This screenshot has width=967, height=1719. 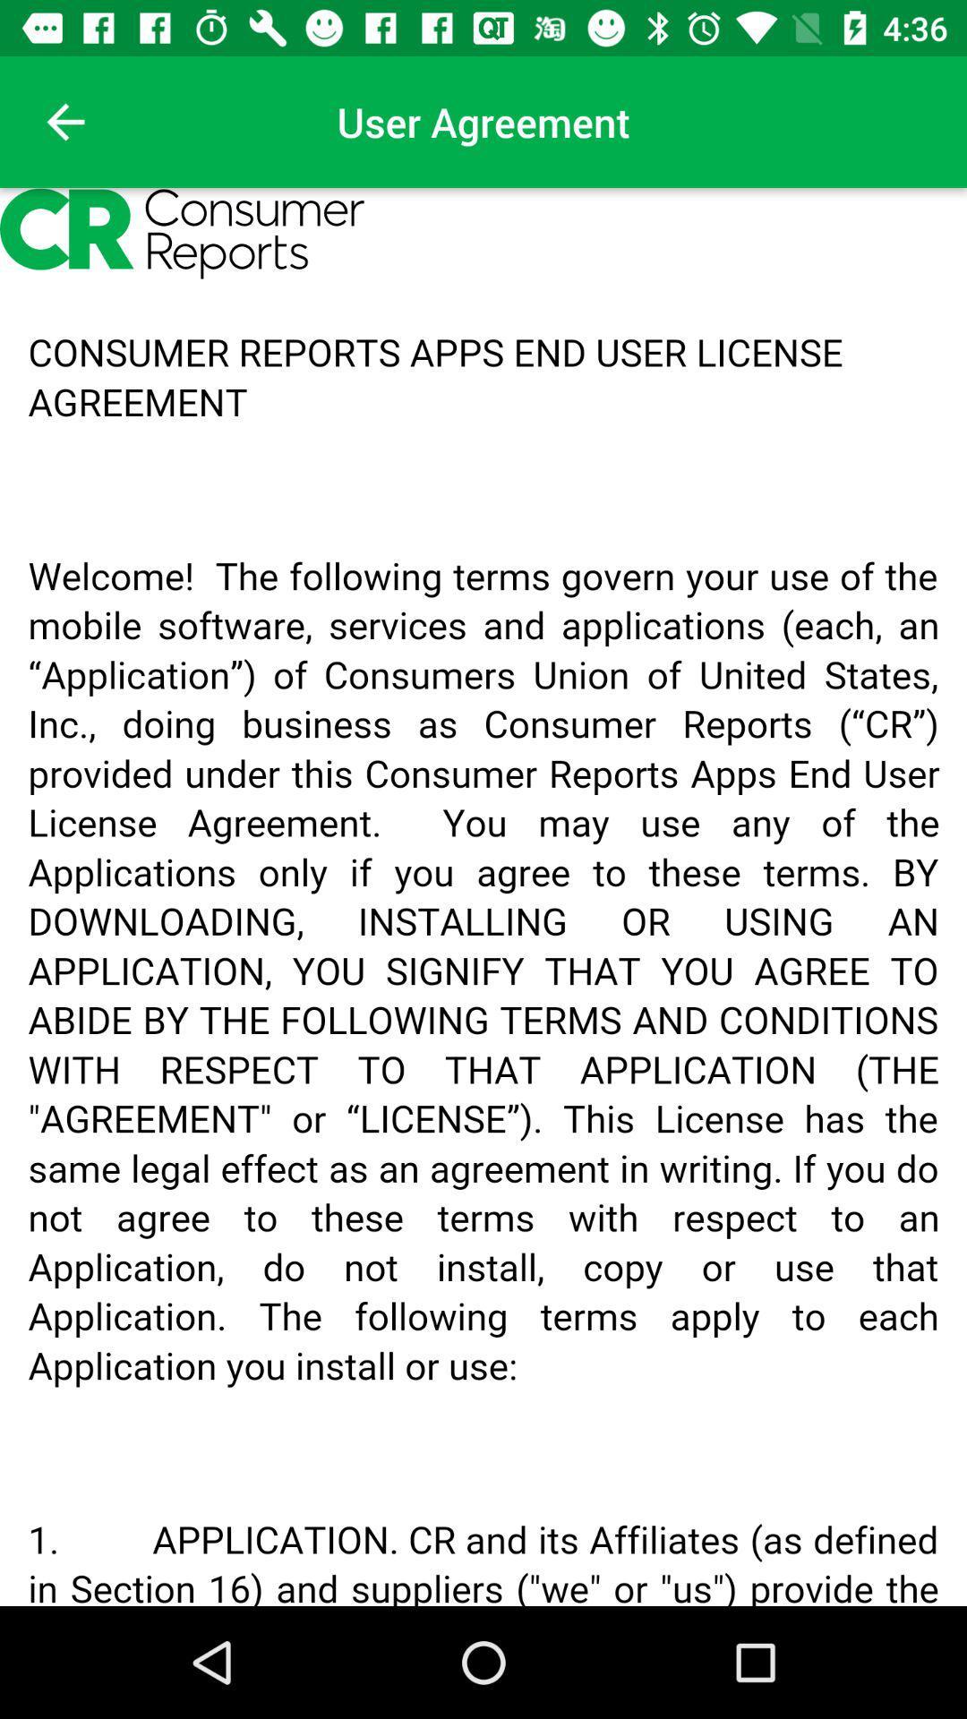 What do you see at coordinates (64, 121) in the screenshot?
I see `back the option` at bounding box center [64, 121].